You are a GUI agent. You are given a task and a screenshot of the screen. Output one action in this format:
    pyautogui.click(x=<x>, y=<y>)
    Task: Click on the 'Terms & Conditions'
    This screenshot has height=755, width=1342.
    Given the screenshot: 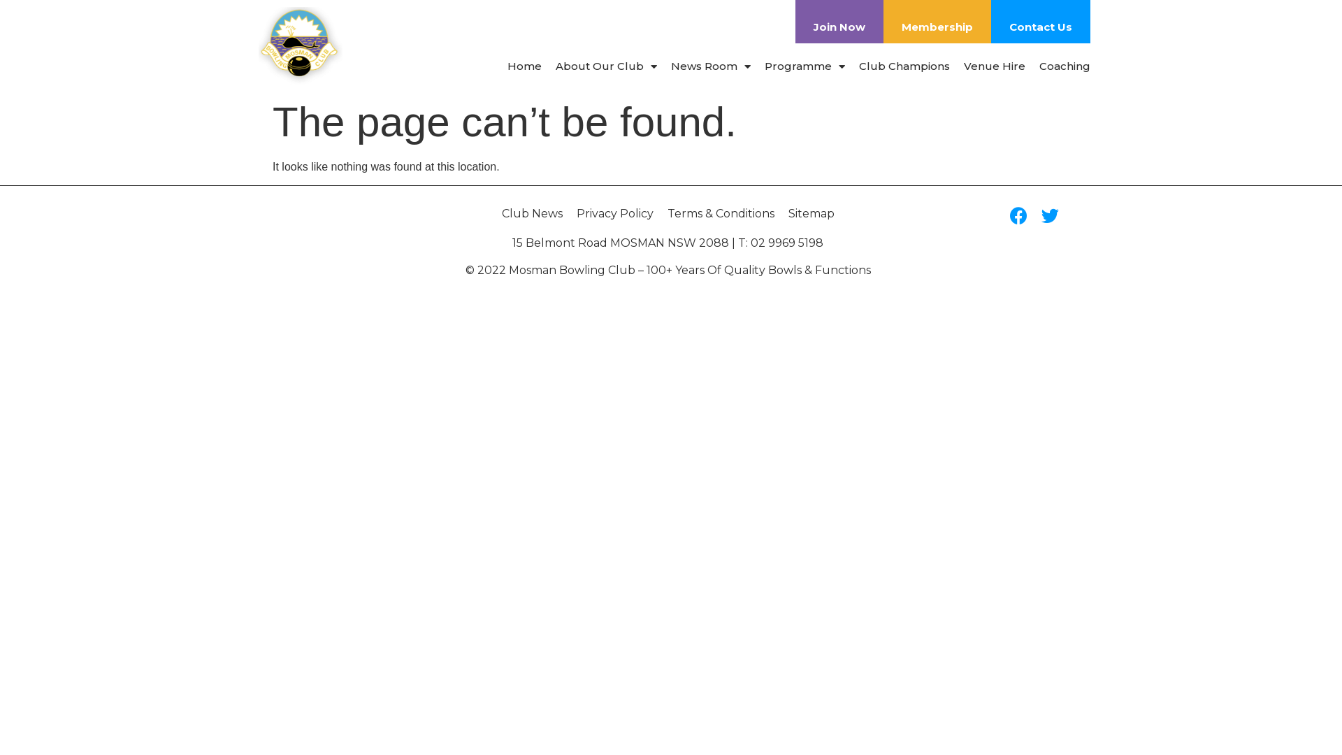 What is the action you would take?
    pyautogui.click(x=660, y=213)
    